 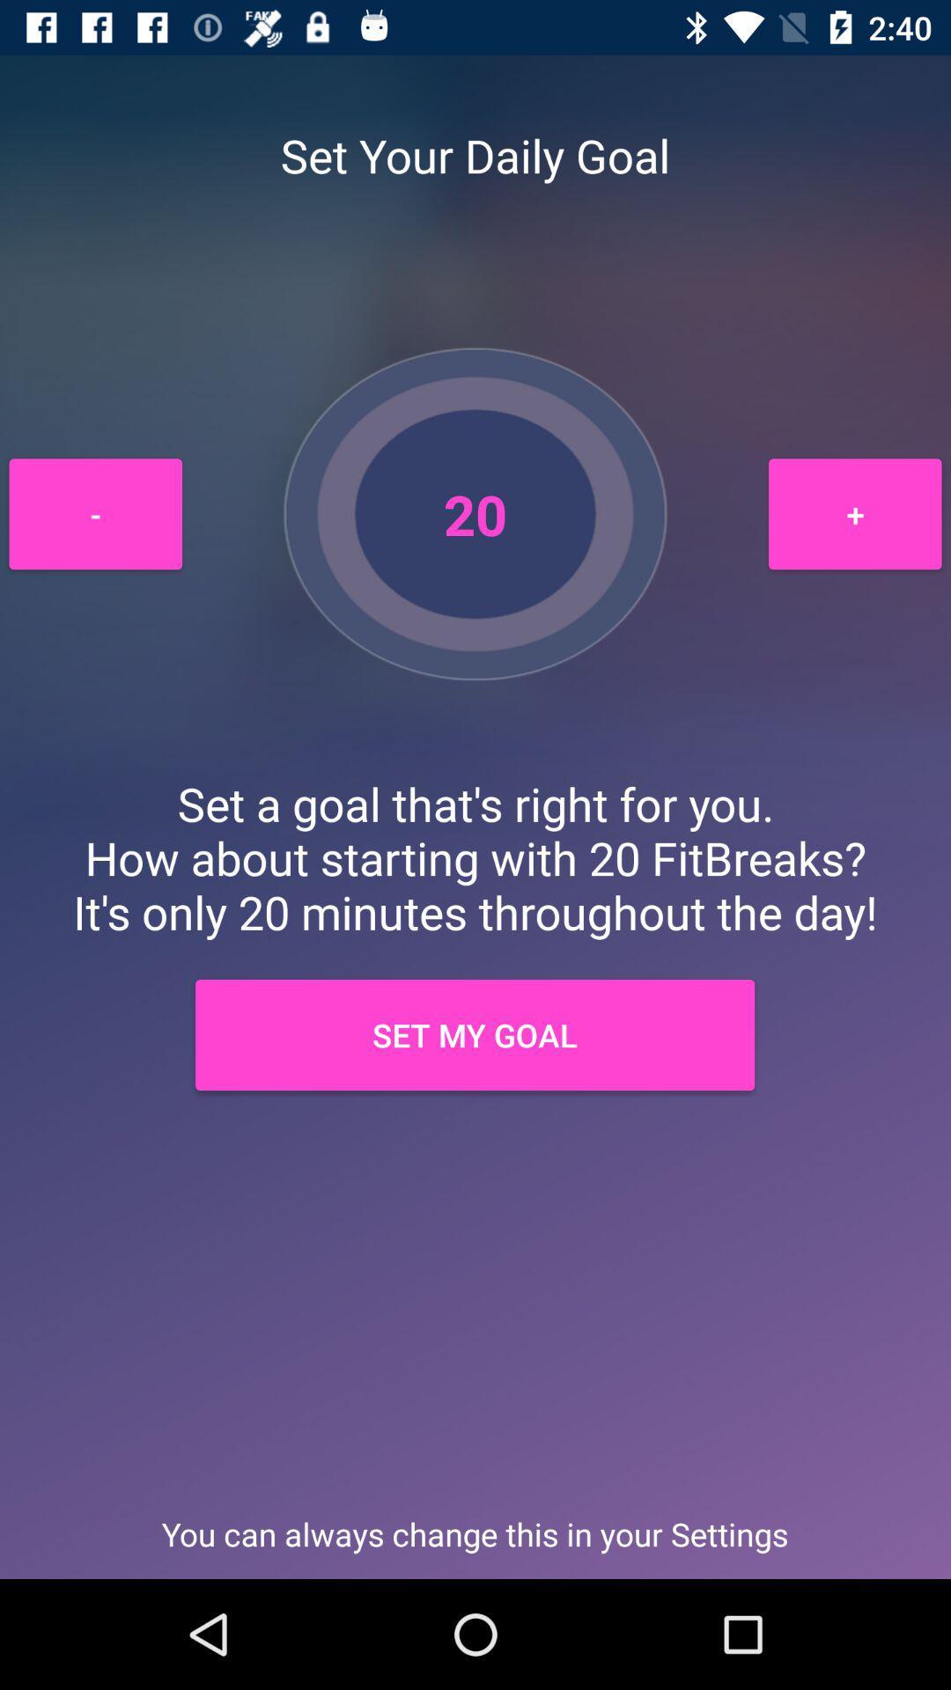 What do you see at coordinates (95, 513) in the screenshot?
I see `the - item` at bounding box center [95, 513].